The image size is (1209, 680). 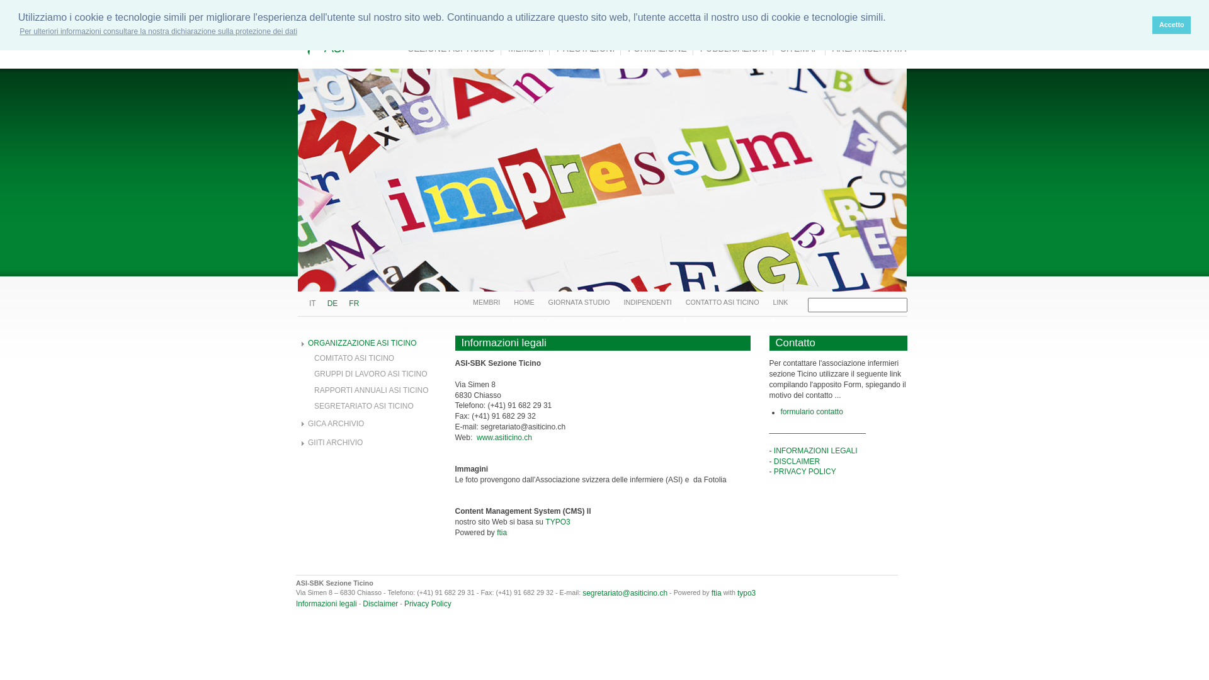 What do you see at coordinates (557, 522) in the screenshot?
I see `'TYPO3'` at bounding box center [557, 522].